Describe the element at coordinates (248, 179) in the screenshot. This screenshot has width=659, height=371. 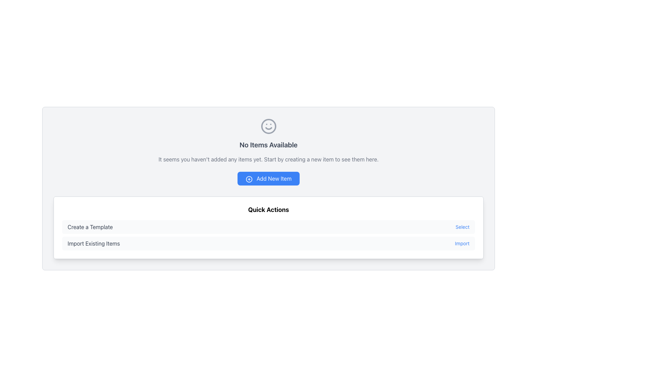
I see `the 'Add New Item' button which is visually emphasized by the circular icon located on its left side` at that location.